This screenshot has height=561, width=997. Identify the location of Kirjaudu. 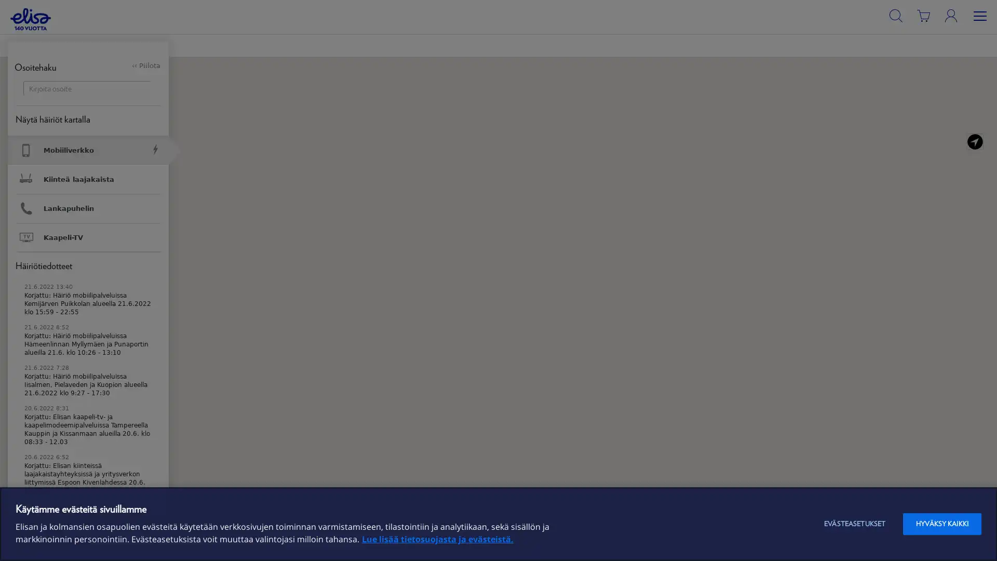
(965, 37).